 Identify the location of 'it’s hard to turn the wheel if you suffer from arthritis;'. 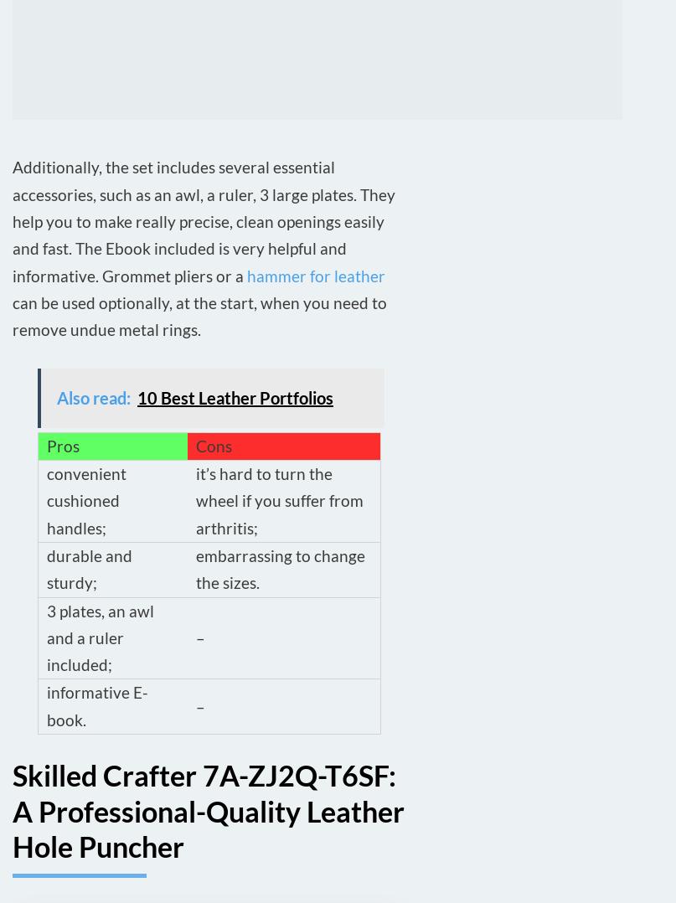
(280, 500).